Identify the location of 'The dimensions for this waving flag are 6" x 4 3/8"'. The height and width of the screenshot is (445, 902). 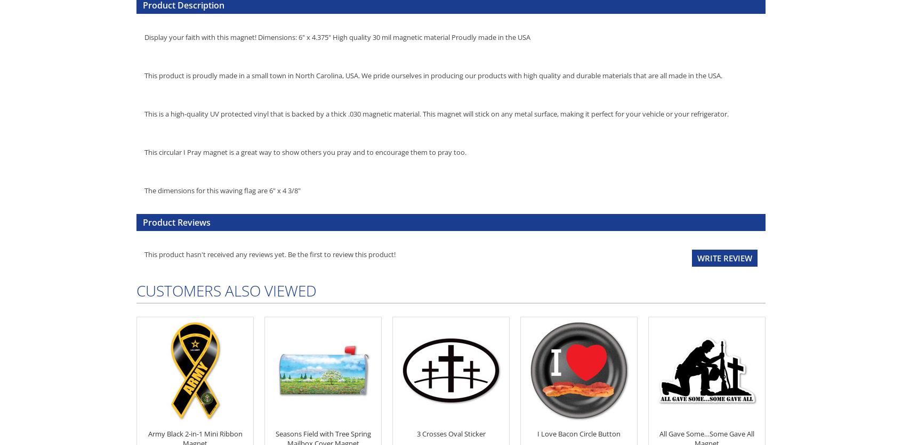
(222, 189).